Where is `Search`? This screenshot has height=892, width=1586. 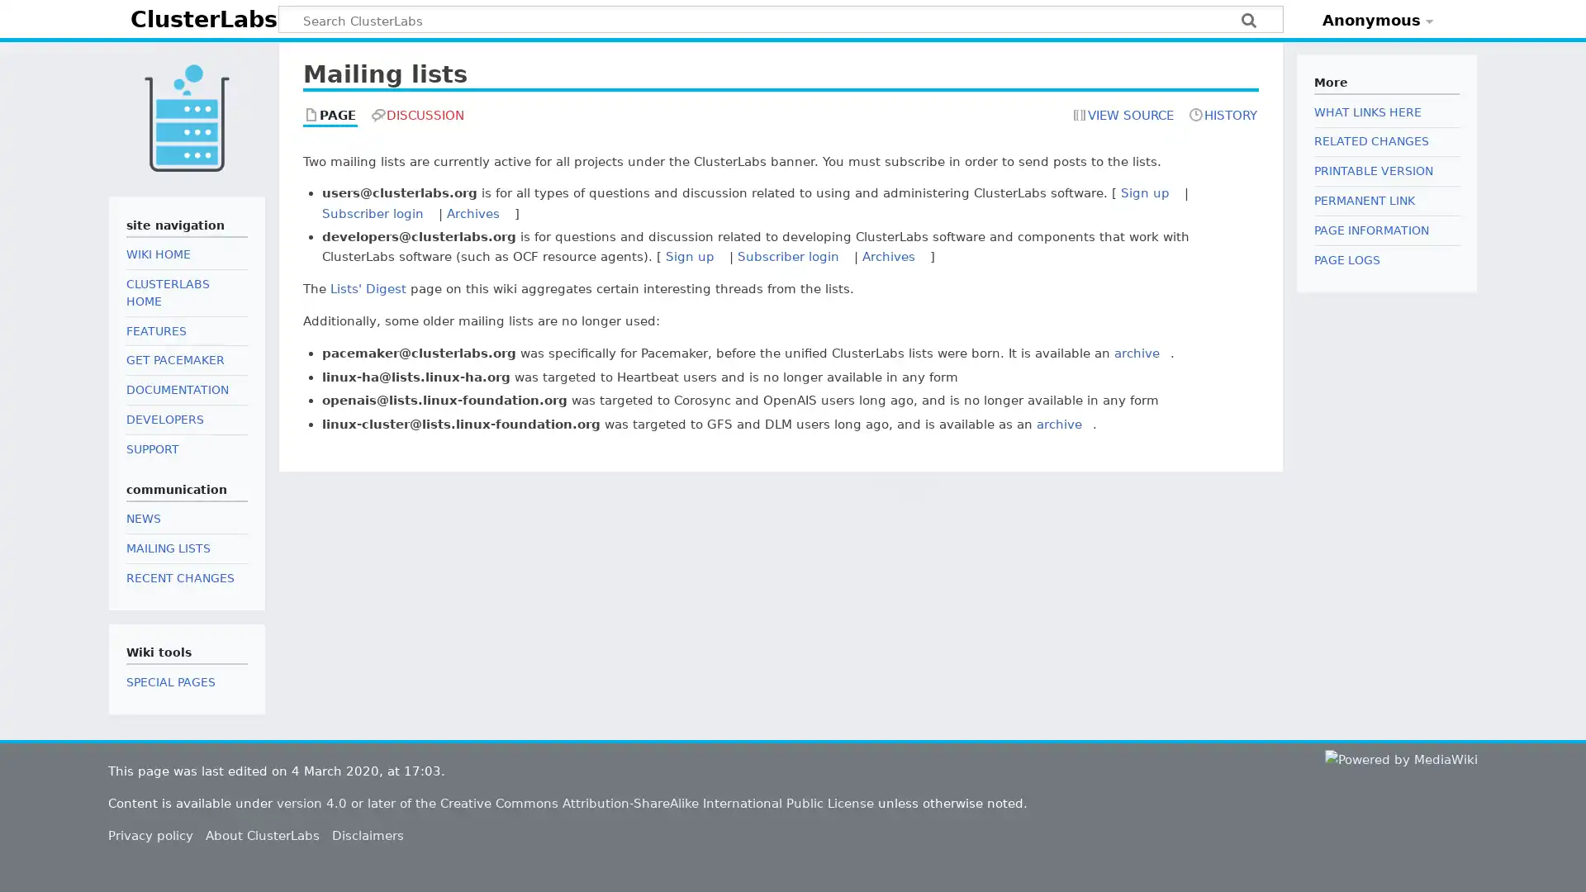
Search is located at coordinates (1249, 21).